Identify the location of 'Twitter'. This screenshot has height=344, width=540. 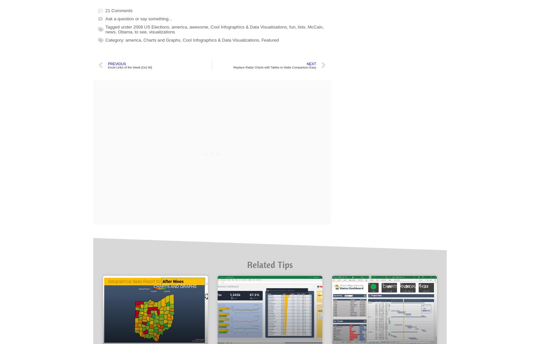
(147, 52).